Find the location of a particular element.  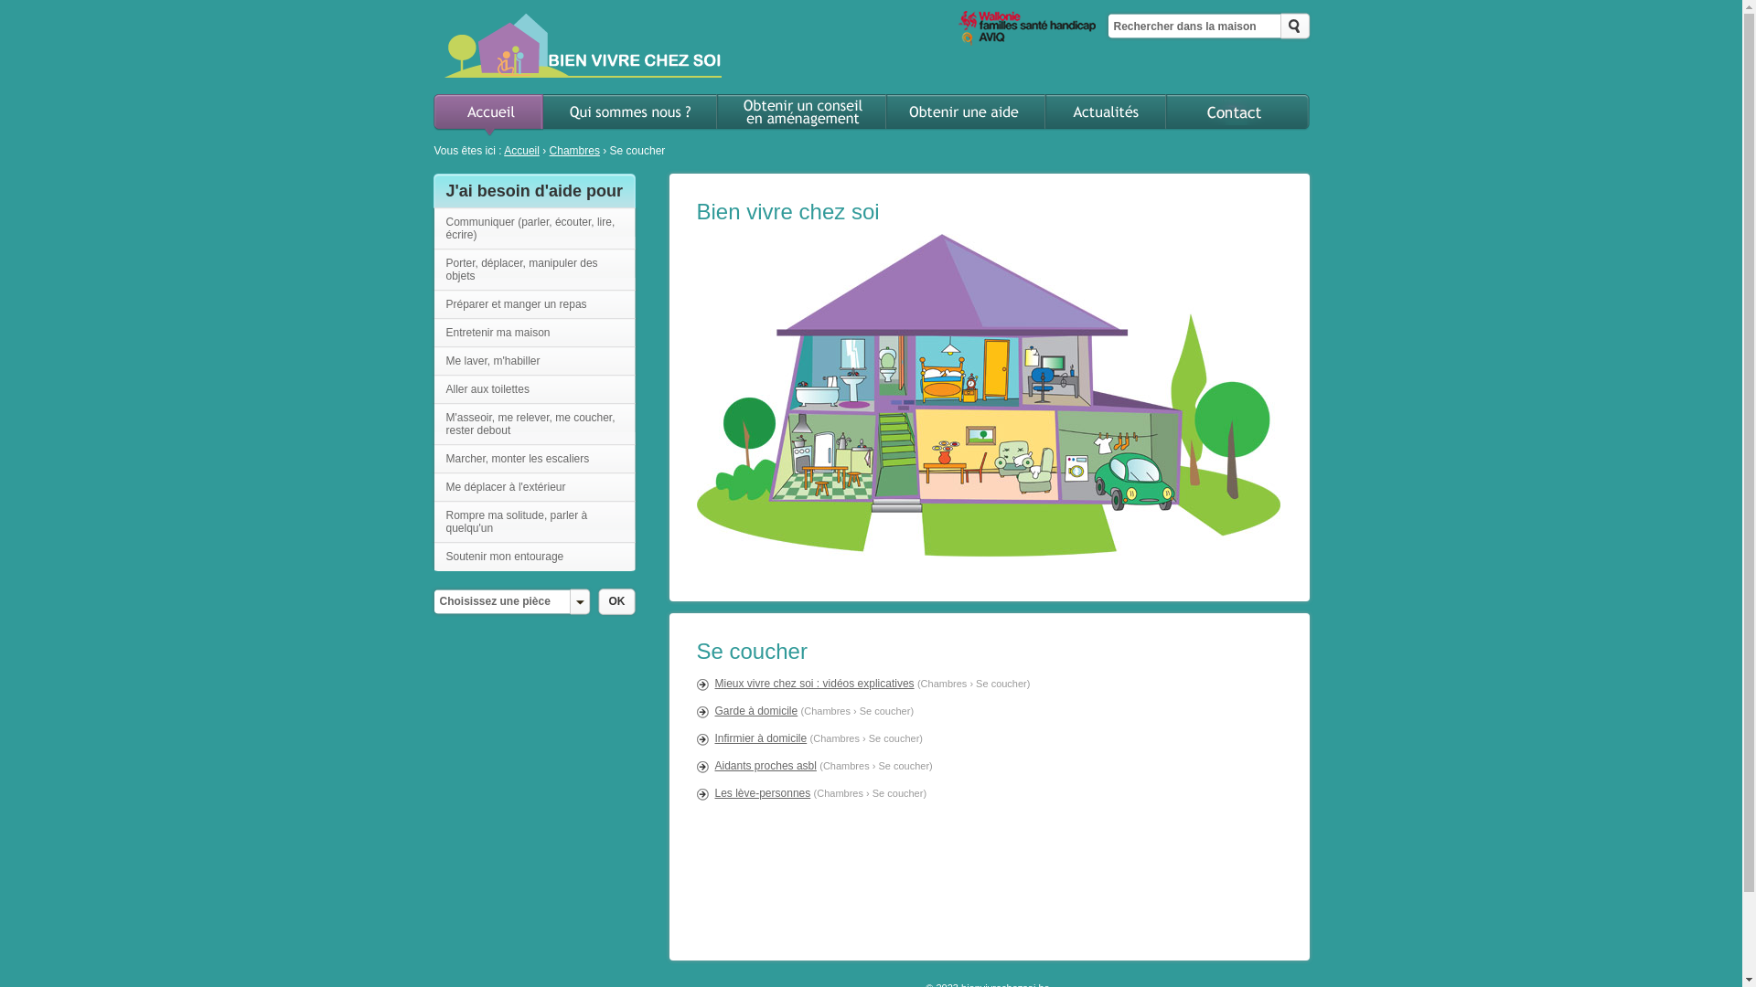

'Contact' is located at coordinates (1238, 113).